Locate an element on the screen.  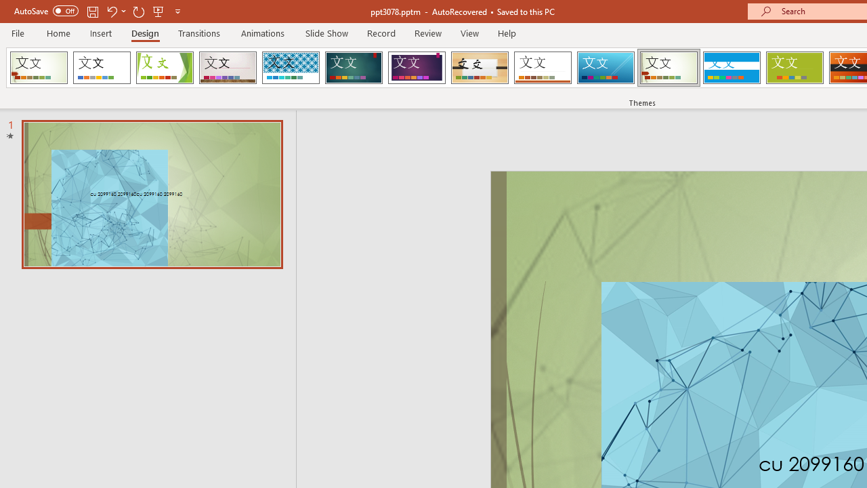
'Gallery' is located at coordinates (228, 68).